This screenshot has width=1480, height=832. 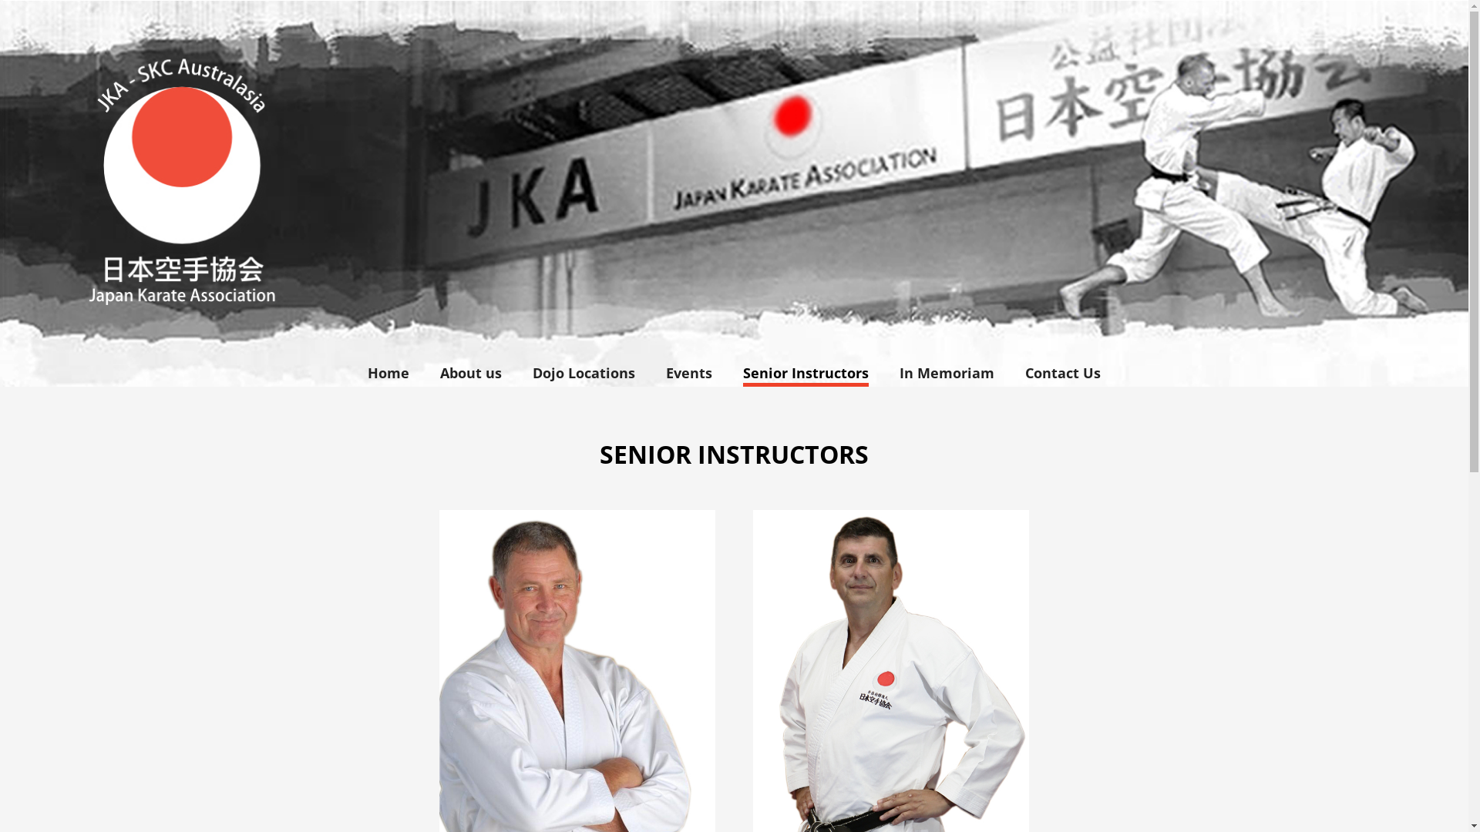 What do you see at coordinates (805, 372) in the screenshot?
I see `'Senior Instructors'` at bounding box center [805, 372].